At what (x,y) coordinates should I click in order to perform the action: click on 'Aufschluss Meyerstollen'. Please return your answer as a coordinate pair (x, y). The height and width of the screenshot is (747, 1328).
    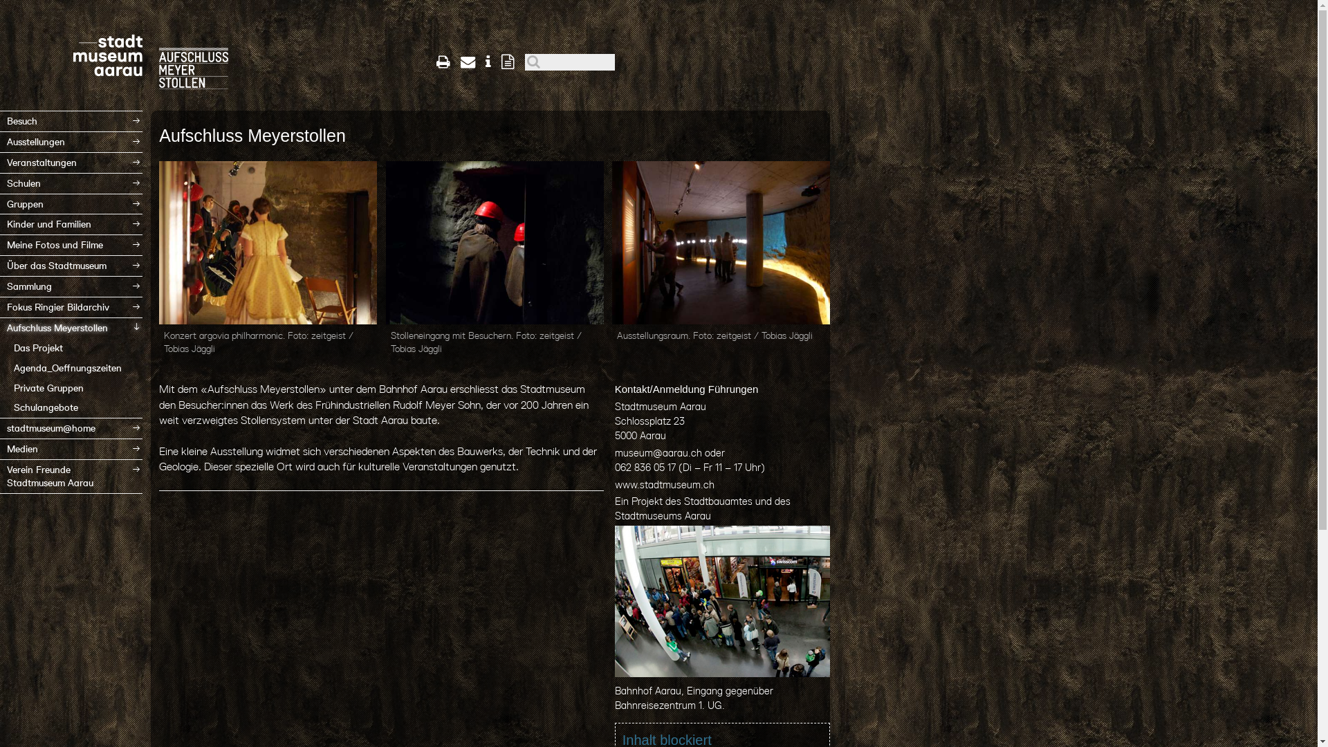
    Looking at the image, I should click on (0, 328).